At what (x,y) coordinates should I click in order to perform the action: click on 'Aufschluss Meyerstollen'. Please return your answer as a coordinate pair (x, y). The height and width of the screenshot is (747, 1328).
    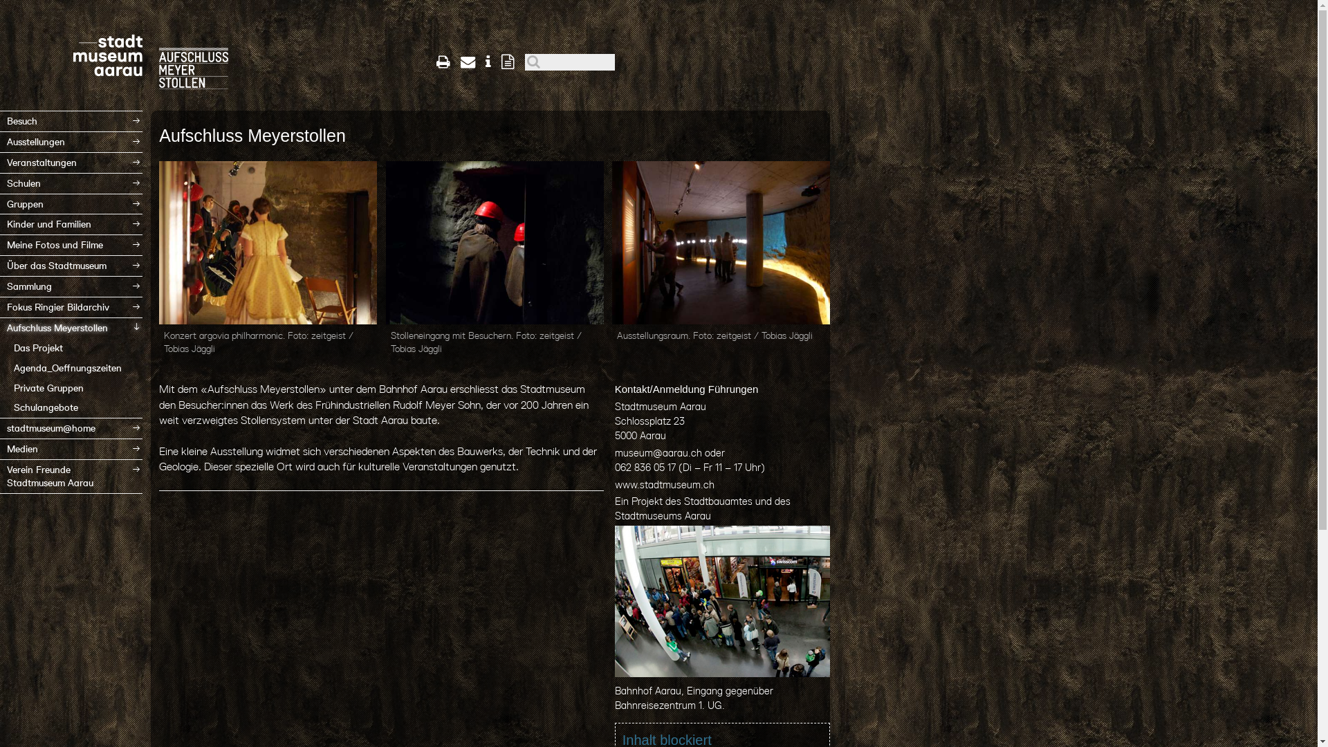
    Looking at the image, I should click on (0, 328).